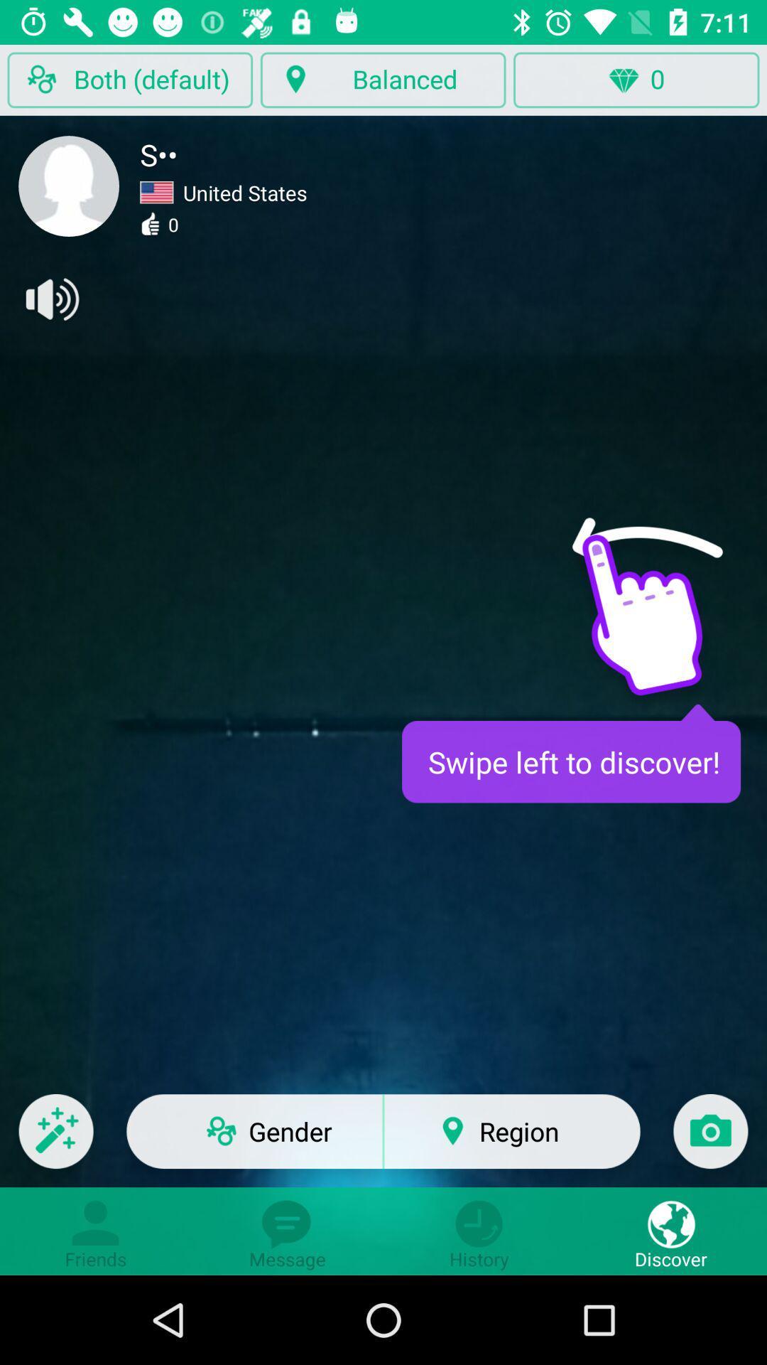 This screenshot has height=1365, width=767. Describe the element at coordinates (50, 299) in the screenshot. I see `listen` at that location.